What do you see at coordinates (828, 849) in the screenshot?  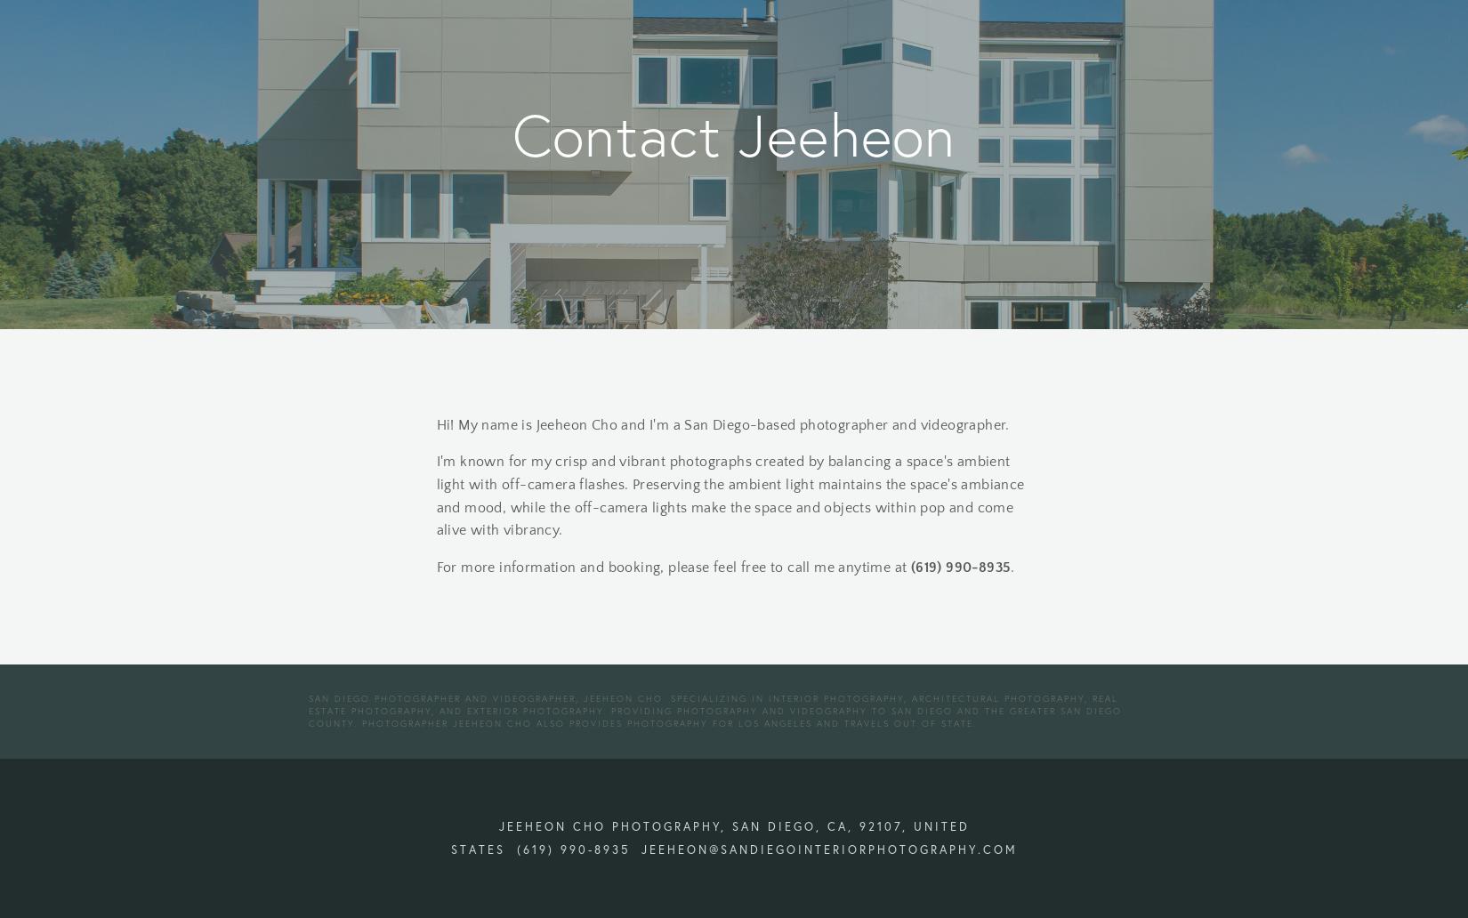 I see `'jeeheon@sandiegointeriorphotography.com'` at bounding box center [828, 849].